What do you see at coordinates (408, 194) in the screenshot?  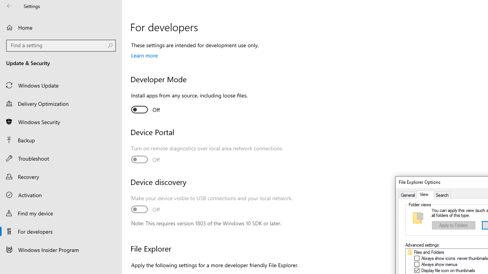 I see `'General'` at bounding box center [408, 194].